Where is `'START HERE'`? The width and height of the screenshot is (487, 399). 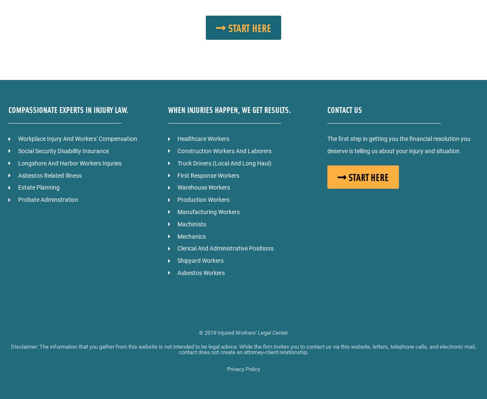 'START HERE' is located at coordinates (368, 176).